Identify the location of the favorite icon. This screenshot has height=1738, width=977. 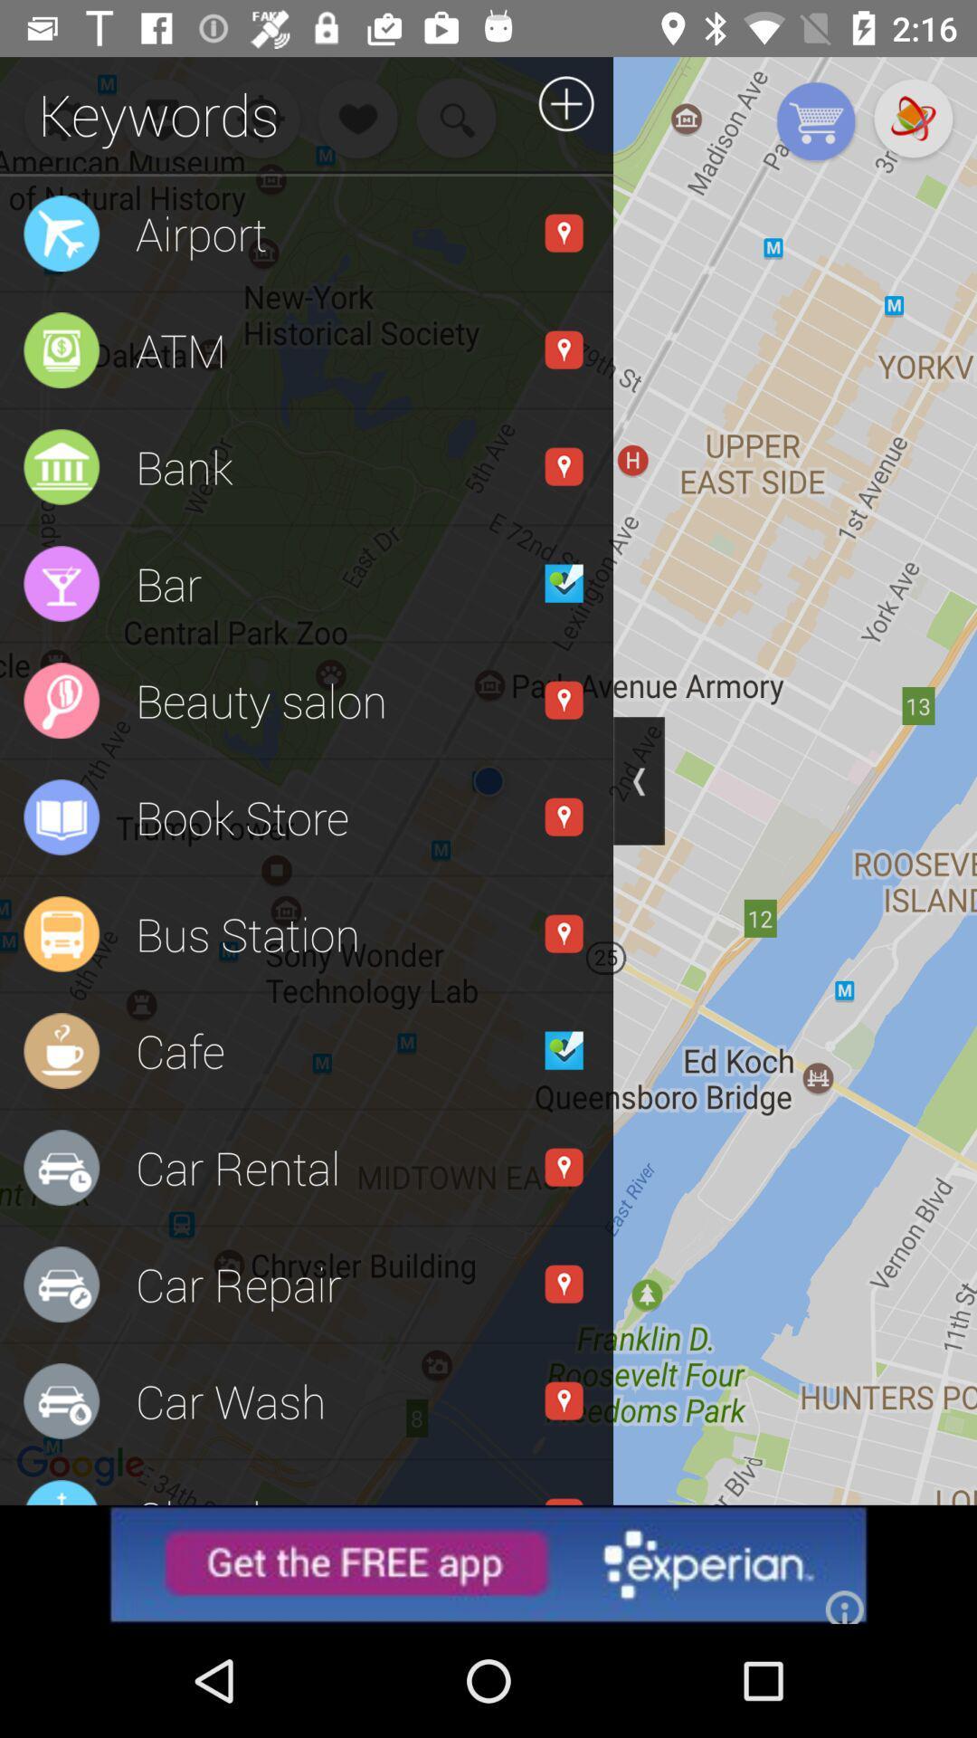
(359, 119).